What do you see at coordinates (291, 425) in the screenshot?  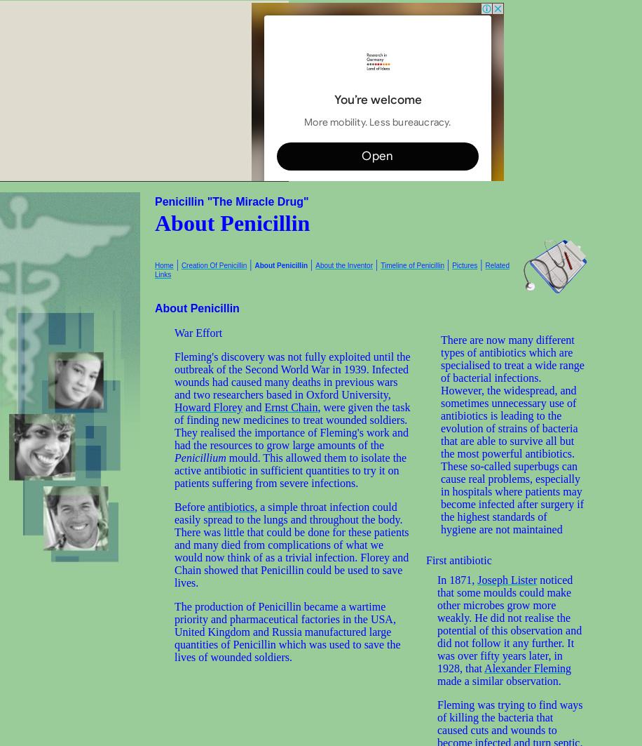 I see `', were given the task of finding new medicines to treat wounded soldiers.
                                             They realised the importance of Fleming's work and had the resources to grow large amounts of the'` at bounding box center [291, 425].